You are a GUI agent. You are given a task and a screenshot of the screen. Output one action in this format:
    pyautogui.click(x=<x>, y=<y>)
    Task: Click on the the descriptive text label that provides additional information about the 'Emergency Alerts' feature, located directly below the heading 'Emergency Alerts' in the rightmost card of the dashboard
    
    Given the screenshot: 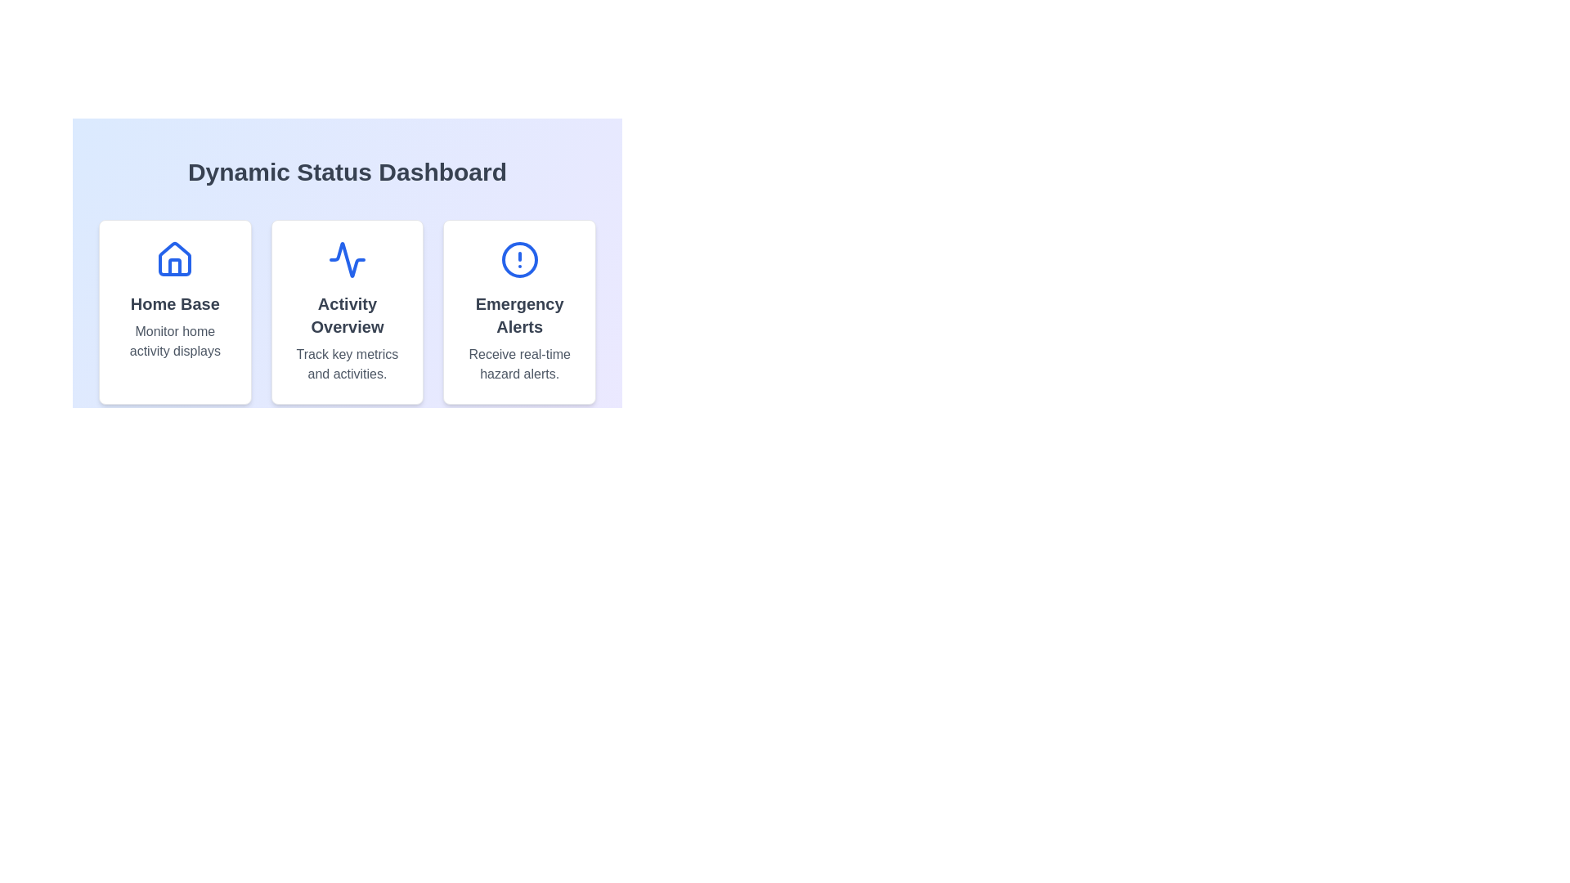 What is the action you would take?
    pyautogui.click(x=518, y=364)
    